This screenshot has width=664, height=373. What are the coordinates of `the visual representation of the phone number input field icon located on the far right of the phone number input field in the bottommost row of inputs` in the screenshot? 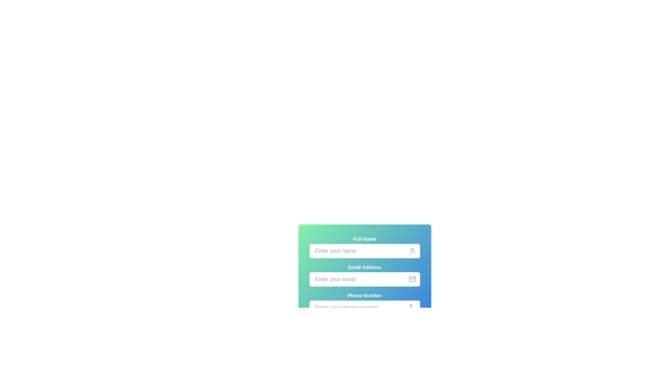 It's located at (412, 307).